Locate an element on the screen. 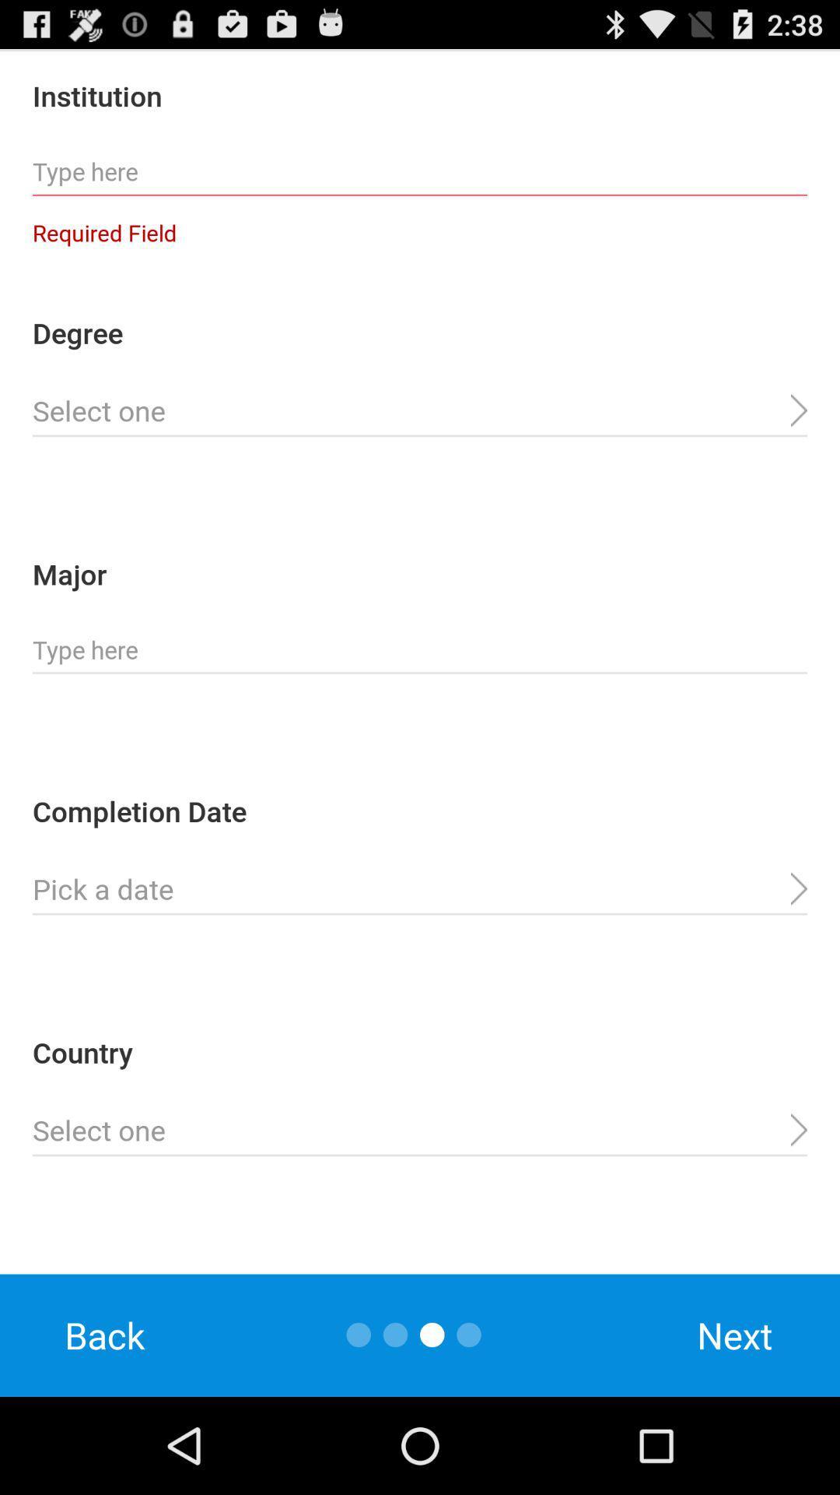 This screenshot has height=1495, width=840. your major is located at coordinates (420, 650).